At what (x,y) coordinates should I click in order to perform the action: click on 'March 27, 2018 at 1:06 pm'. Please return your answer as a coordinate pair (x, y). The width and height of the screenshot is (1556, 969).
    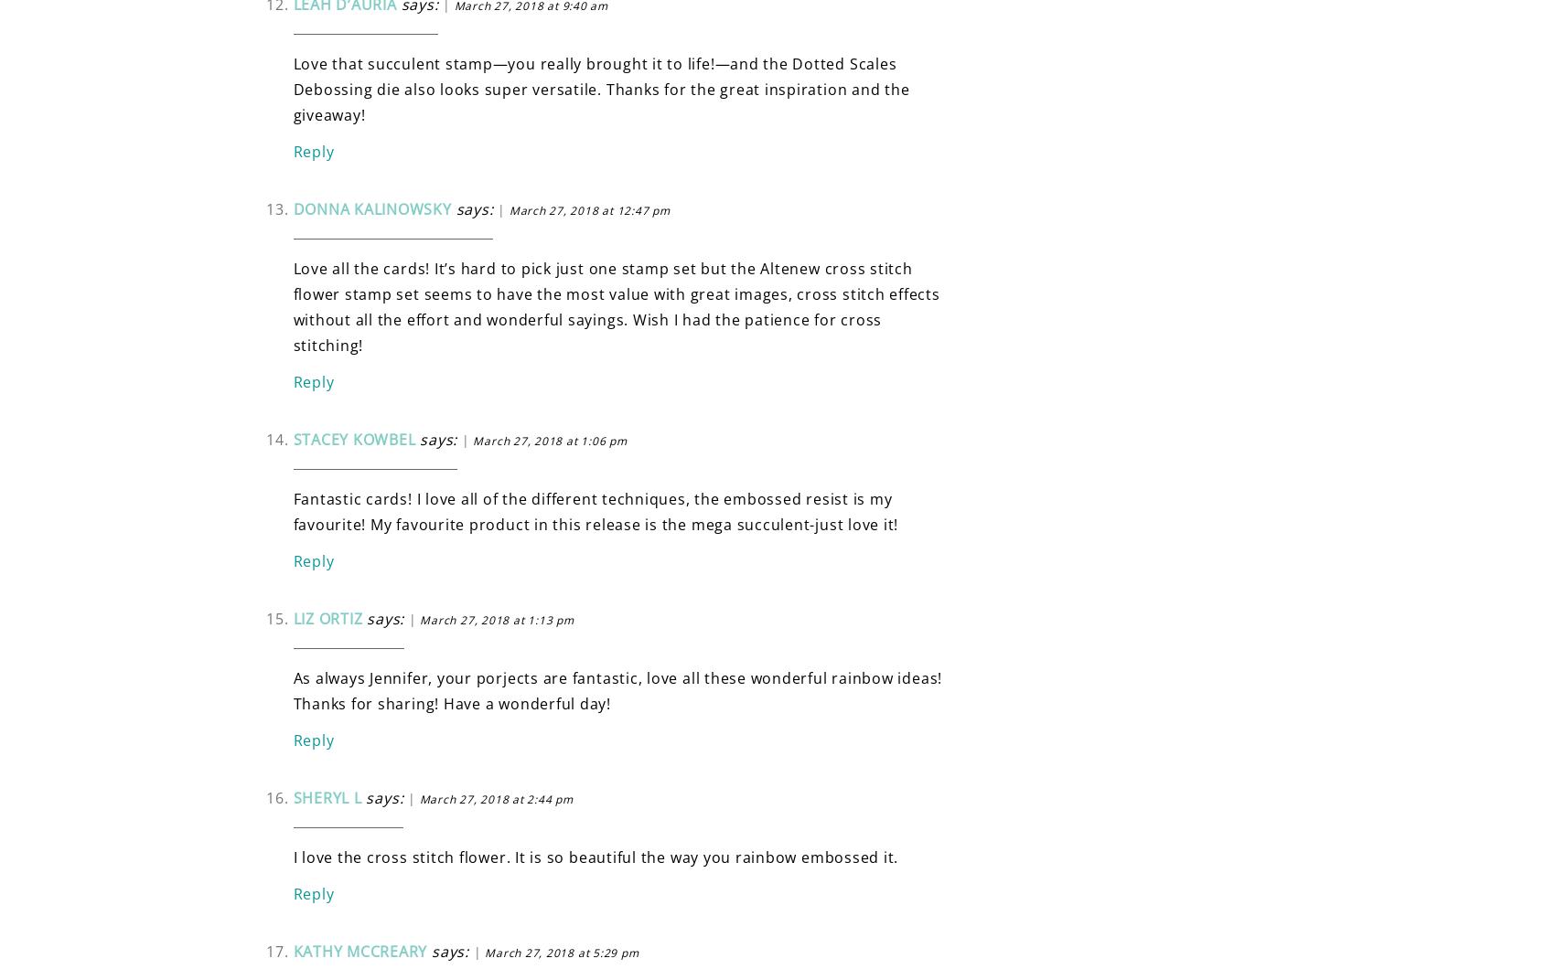
    Looking at the image, I should click on (549, 439).